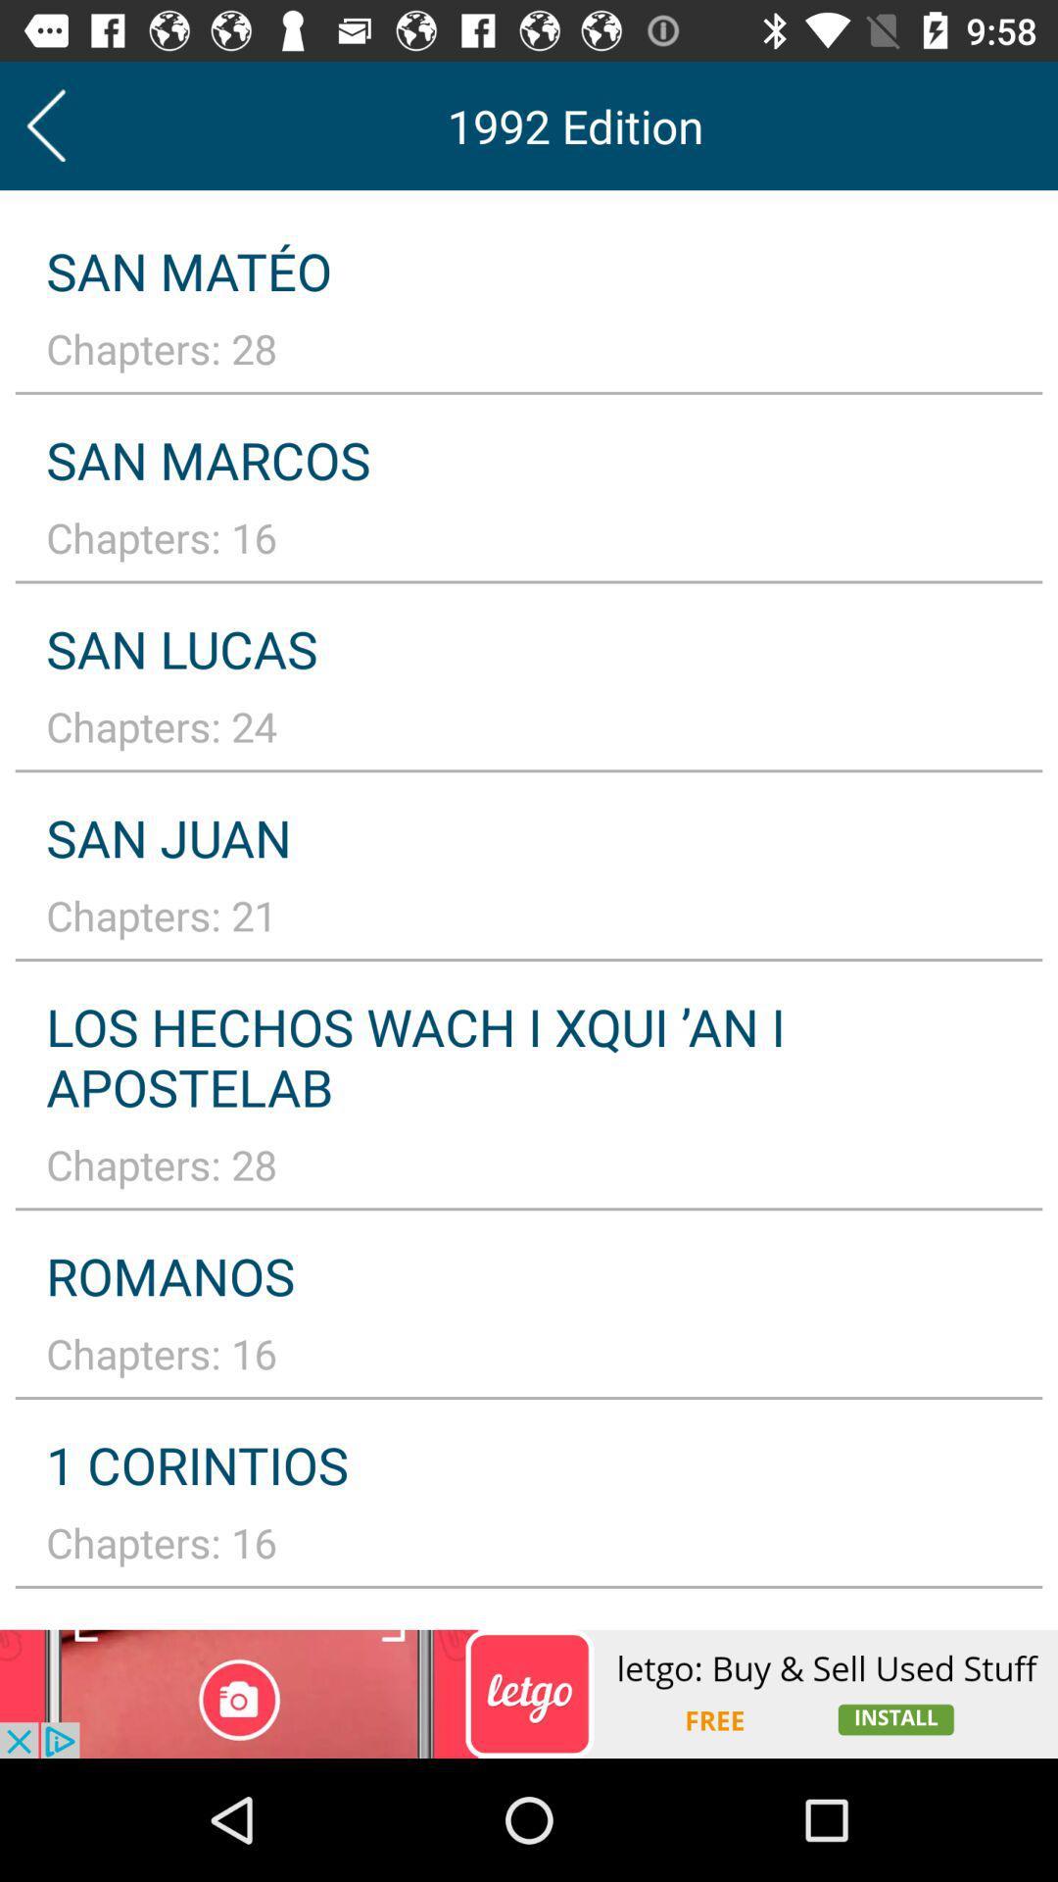 The height and width of the screenshot is (1882, 1058). I want to click on the arrow_backward icon, so click(45, 124).